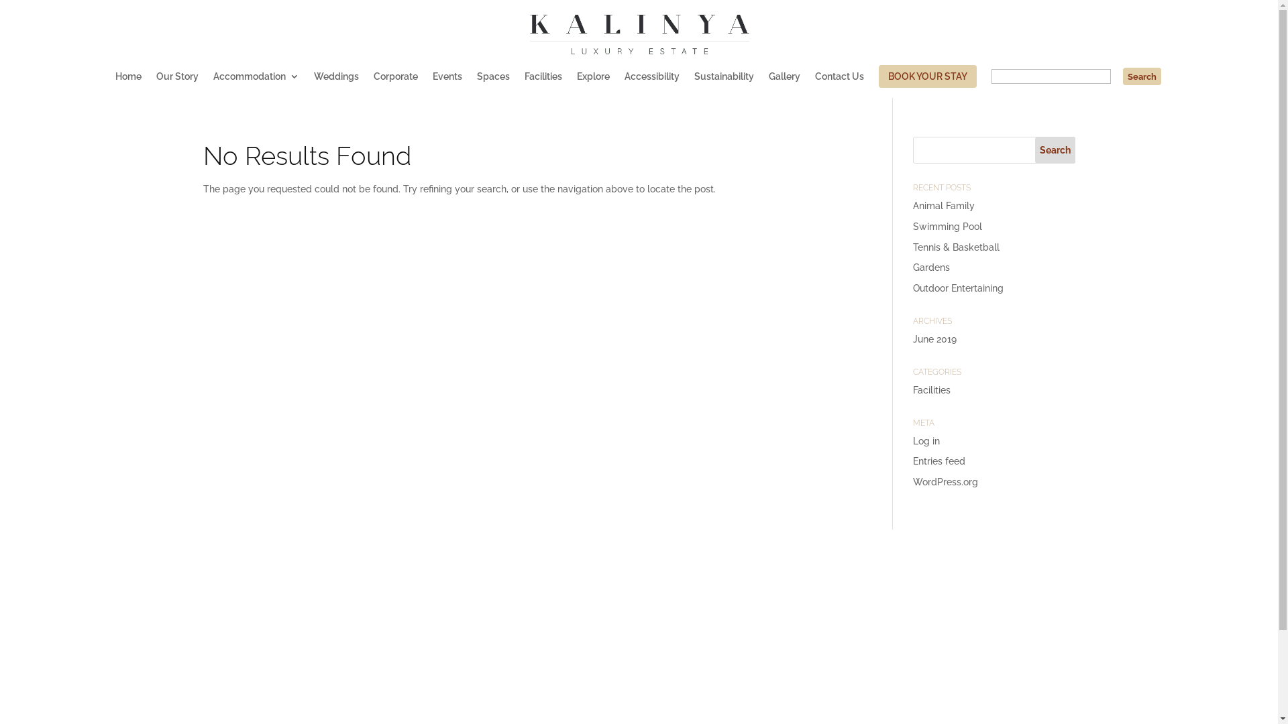 The height and width of the screenshot is (724, 1288). What do you see at coordinates (934, 338) in the screenshot?
I see `'June 2019'` at bounding box center [934, 338].